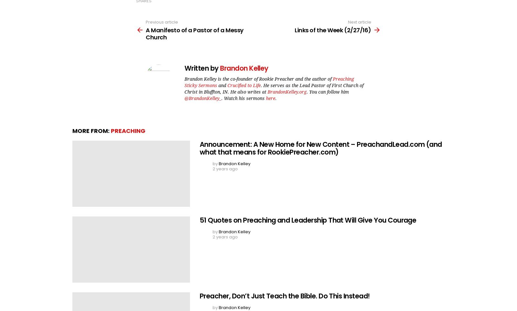  Describe the element at coordinates (202, 68) in the screenshot. I see `'Written by'` at that location.